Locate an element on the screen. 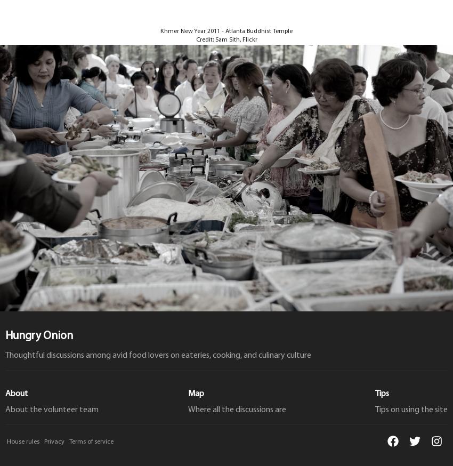  'Map' is located at coordinates (195, 393).